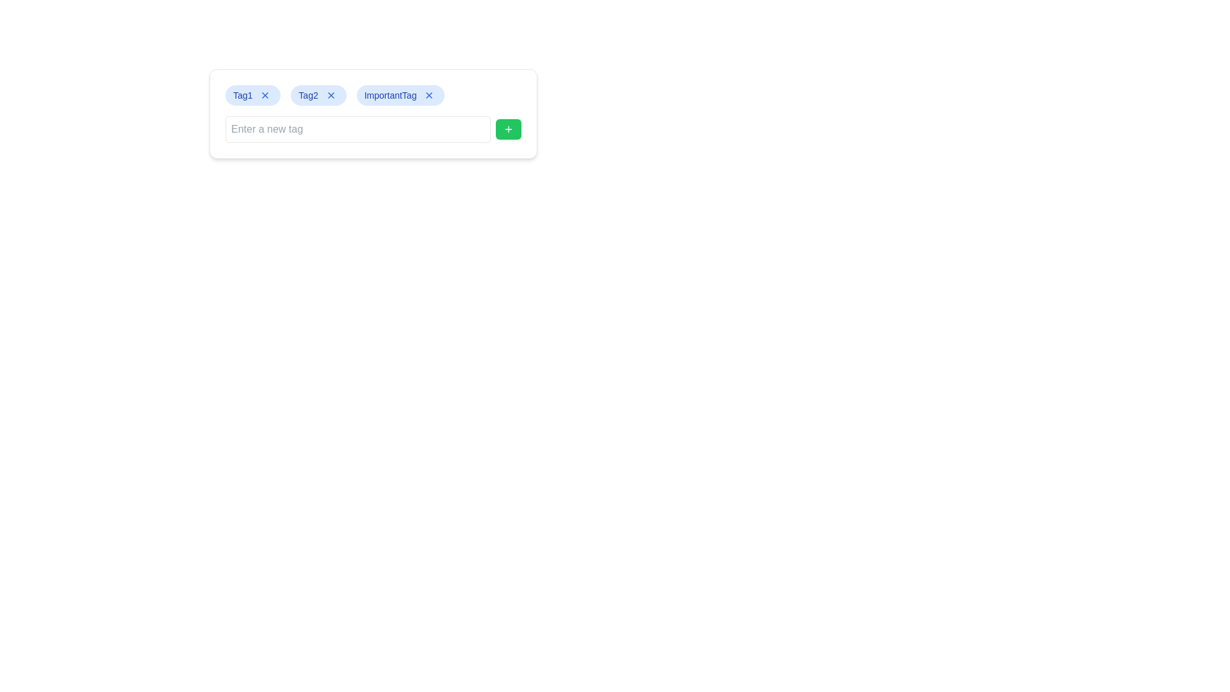 The width and height of the screenshot is (1230, 692). Describe the element at coordinates (265, 95) in the screenshot. I see `the small blue 'X' icon` at that location.